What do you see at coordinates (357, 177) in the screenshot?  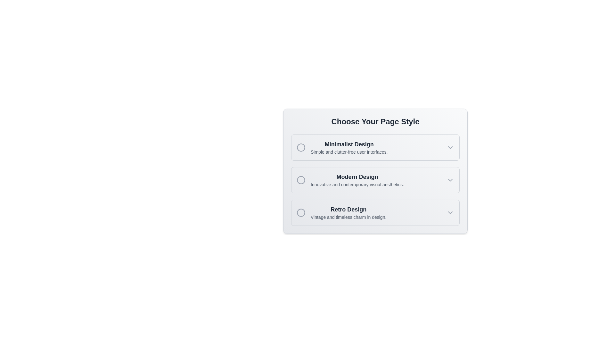 I see `the 'Modern Design' text label, which serves as a title in the visual style selector, positioned between 'Minimalist Design' and 'Retro Design' under 'Choose Your Page Style.'` at bounding box center [357, 177].